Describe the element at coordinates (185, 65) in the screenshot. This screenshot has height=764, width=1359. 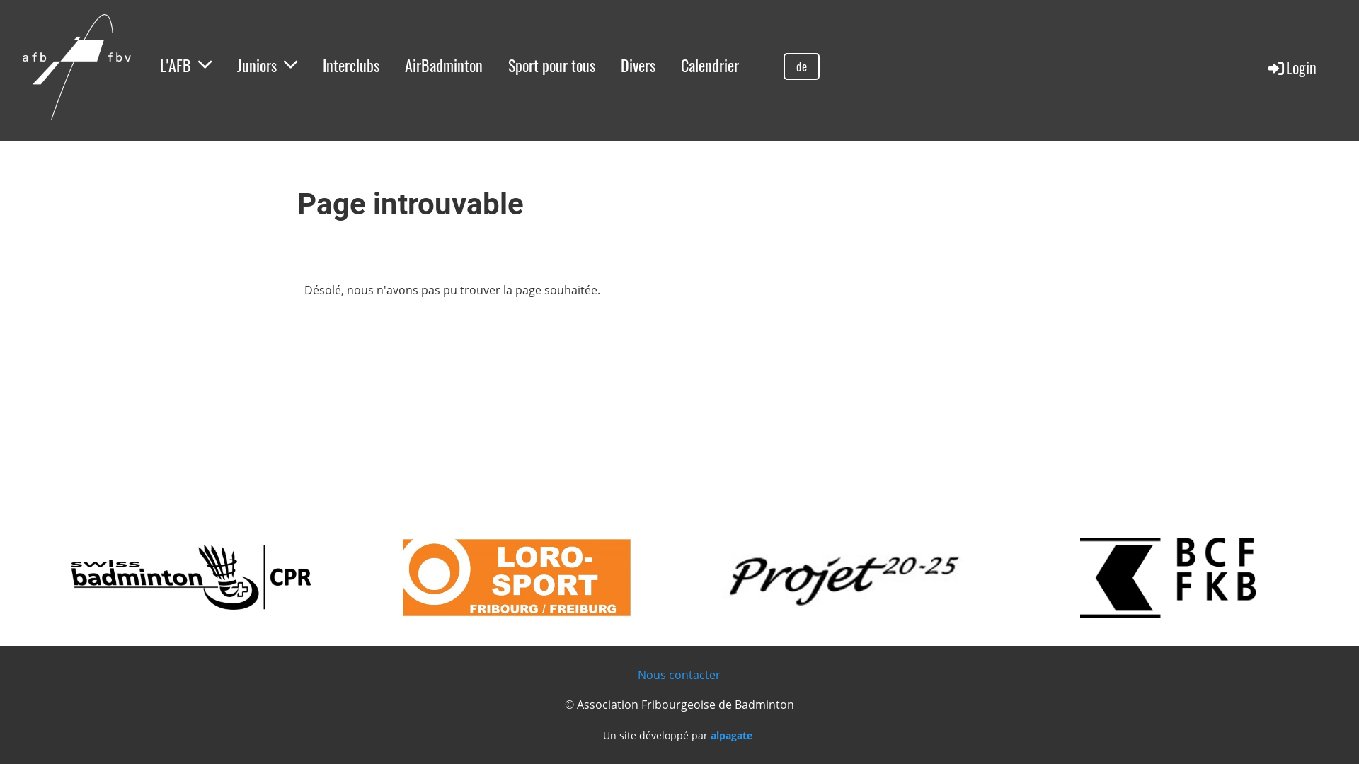
I see `'L'AFB'` at that location.